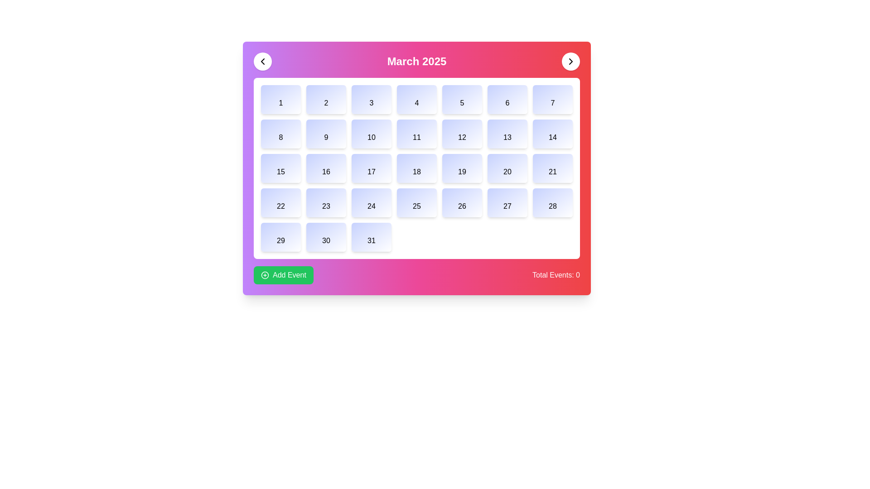 This screenshot has height=489, width=870. Describe the element at coordinates (372, 237) in the screenshot. I see `the static display box representing the date '31' in the last row and last column of the calendar grid` at that location.